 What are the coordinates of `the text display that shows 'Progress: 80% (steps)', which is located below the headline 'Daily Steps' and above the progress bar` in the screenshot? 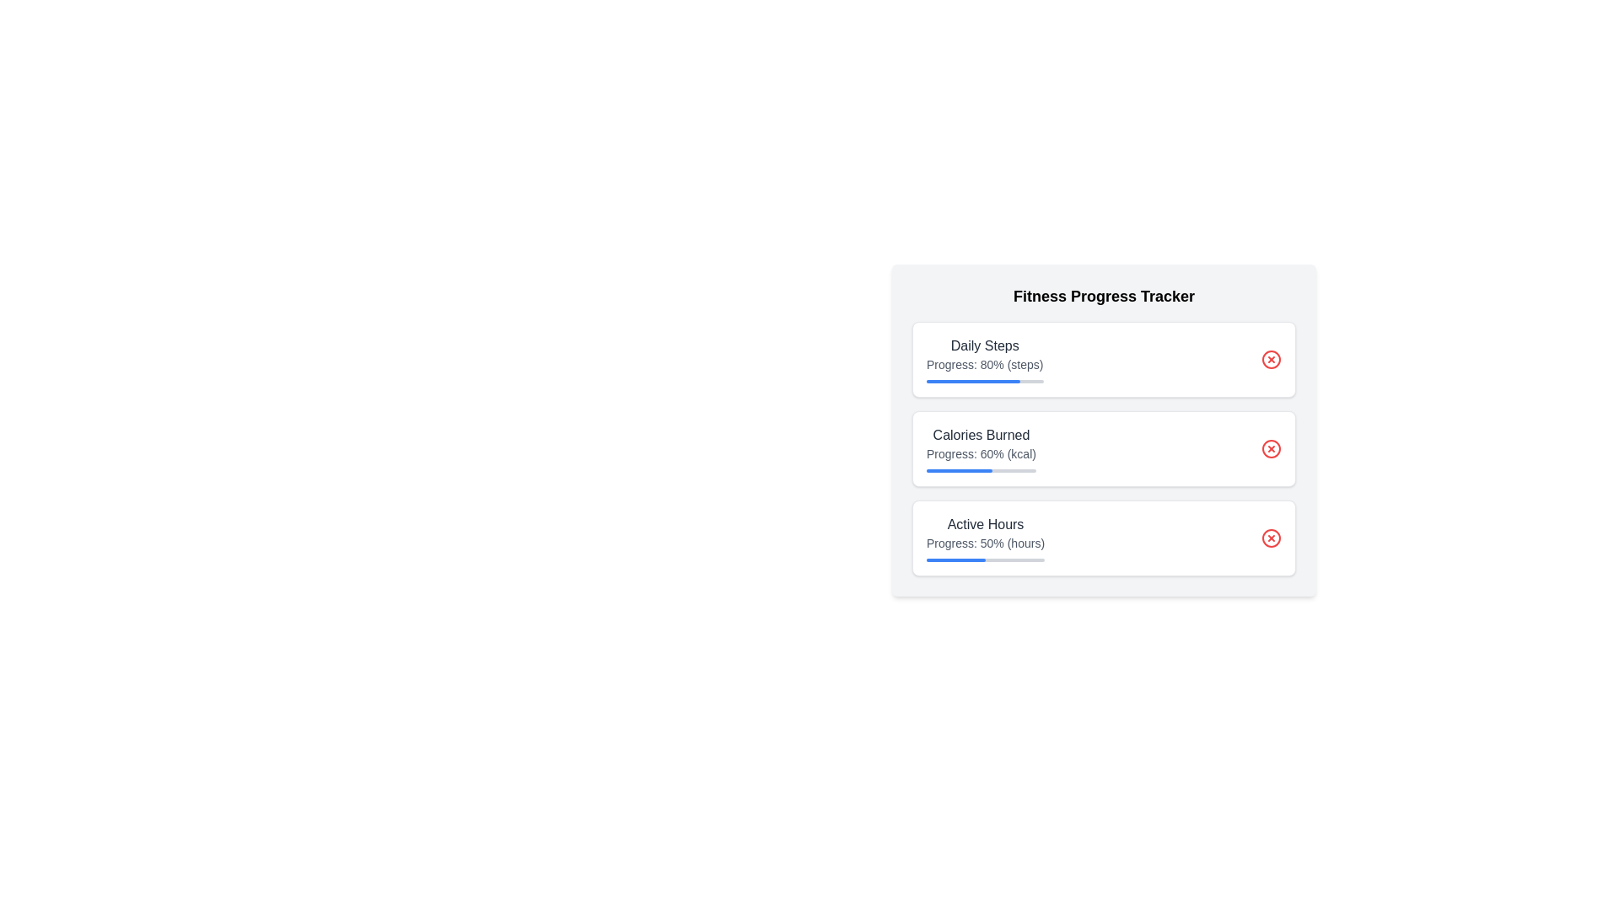 It's located at (985, 363).